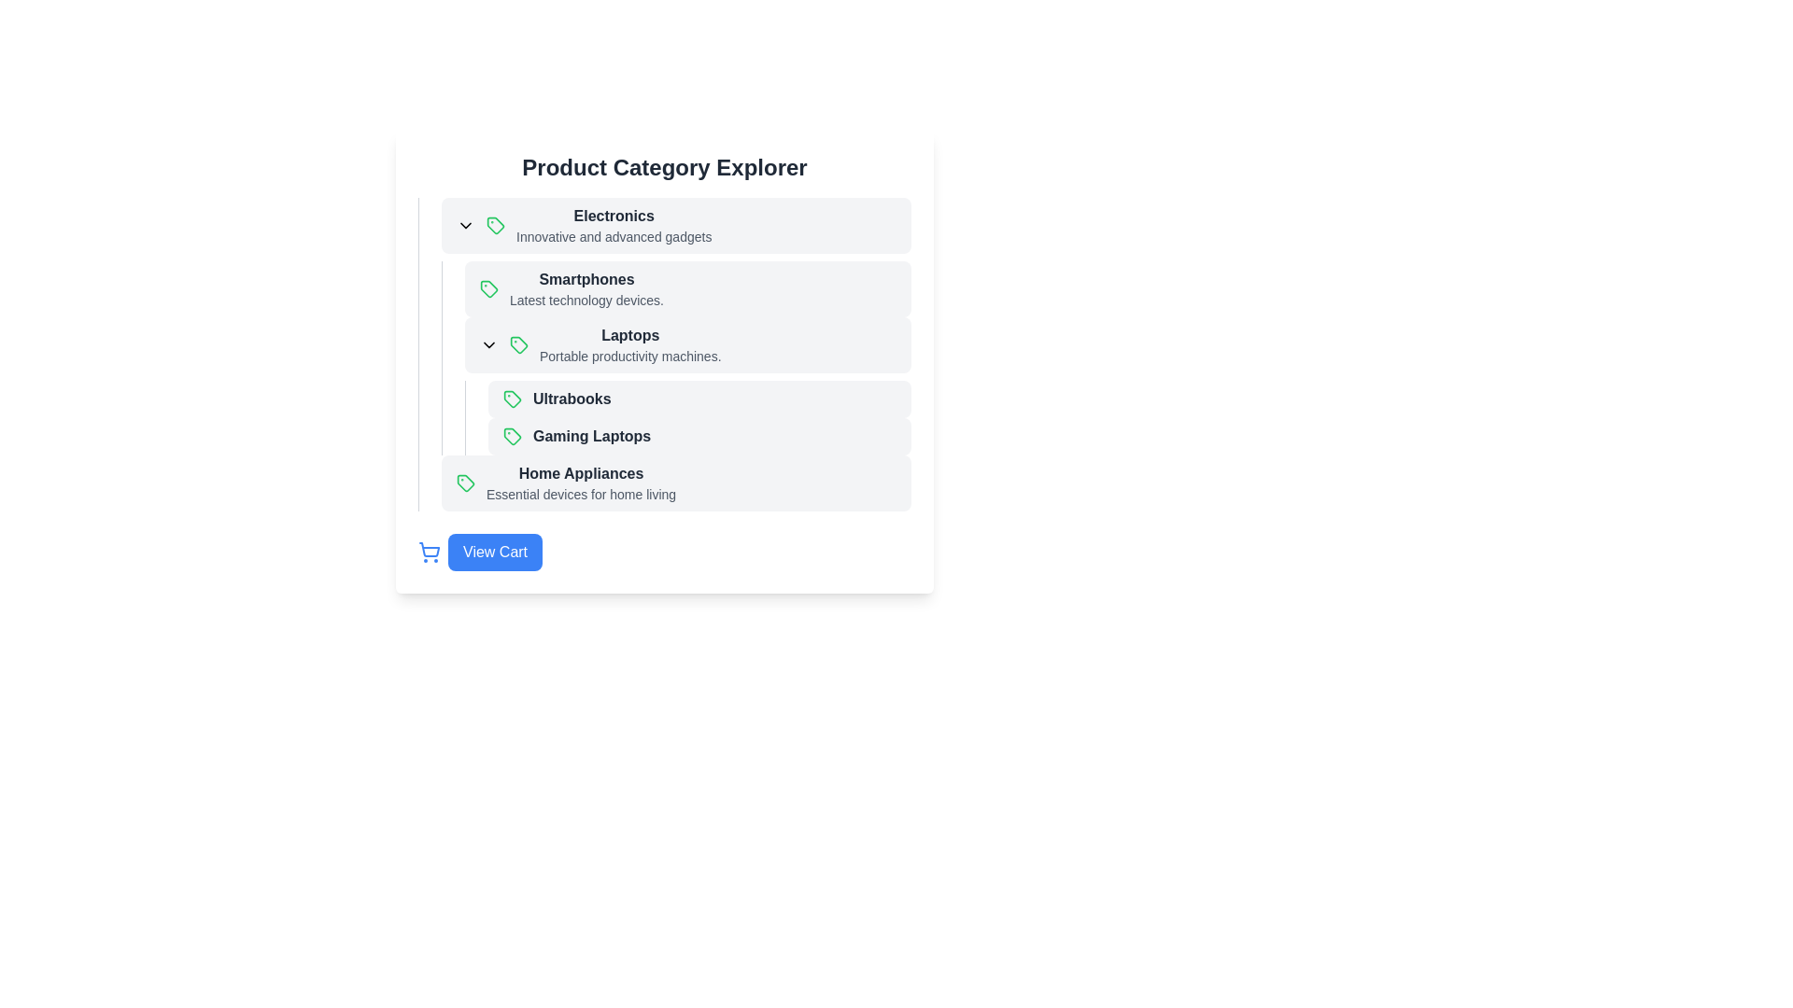 This screenshot has width=1793, height=1008. Describe the element at coordinates (580, 482) in the screenshot. I see `the text display element that contains the lines 'Home Appliances' and 'Essential devices for home living', located under the 'Gaming Laptops' option in the 'Product Category Explorer' section` at that location.